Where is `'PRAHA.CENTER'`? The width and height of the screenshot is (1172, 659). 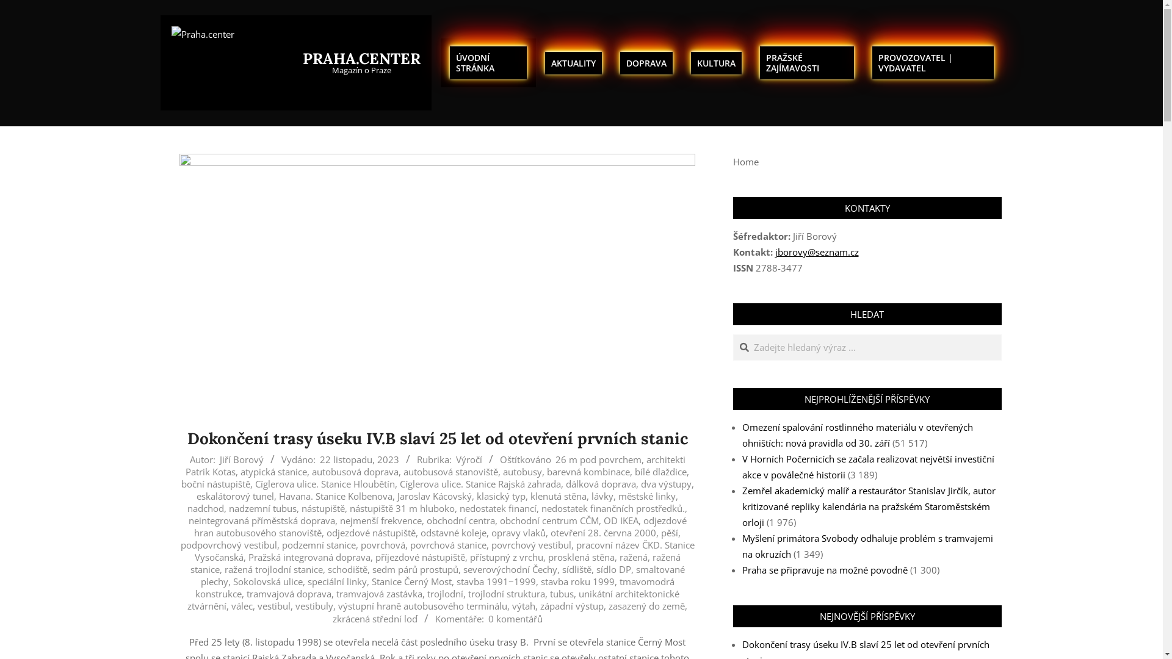 'PRAHA.CENTER' is located at coordinates (361, 59).